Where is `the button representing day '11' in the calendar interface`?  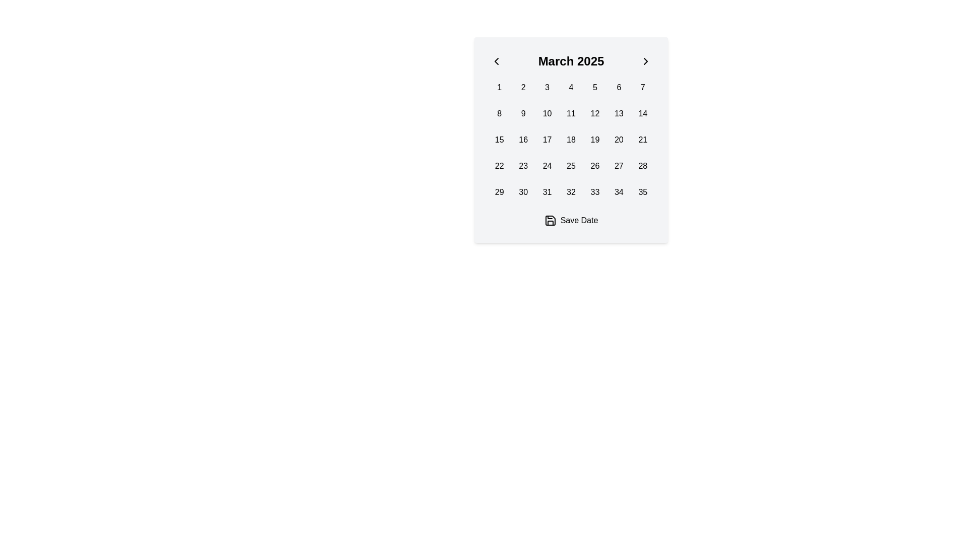 the button representing day '11' in the calendar interface is located at coordinates (571, 113).